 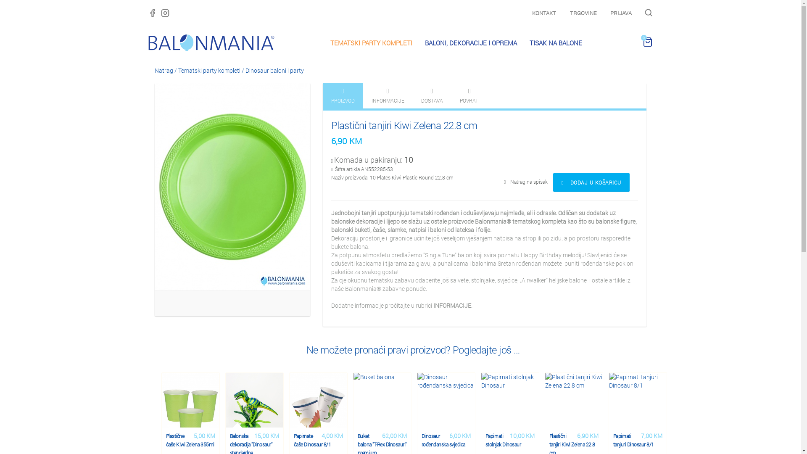 I want to click on 'TRGOVINE', so click(x=583, y=13).